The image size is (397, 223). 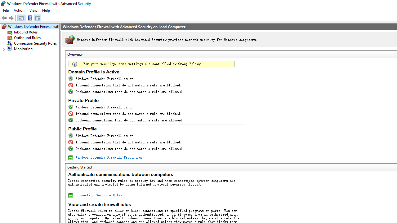 What do you see at coordinates (4, 17) in the screenshot?
I see `'Back'` at bounding box center [4, 17].